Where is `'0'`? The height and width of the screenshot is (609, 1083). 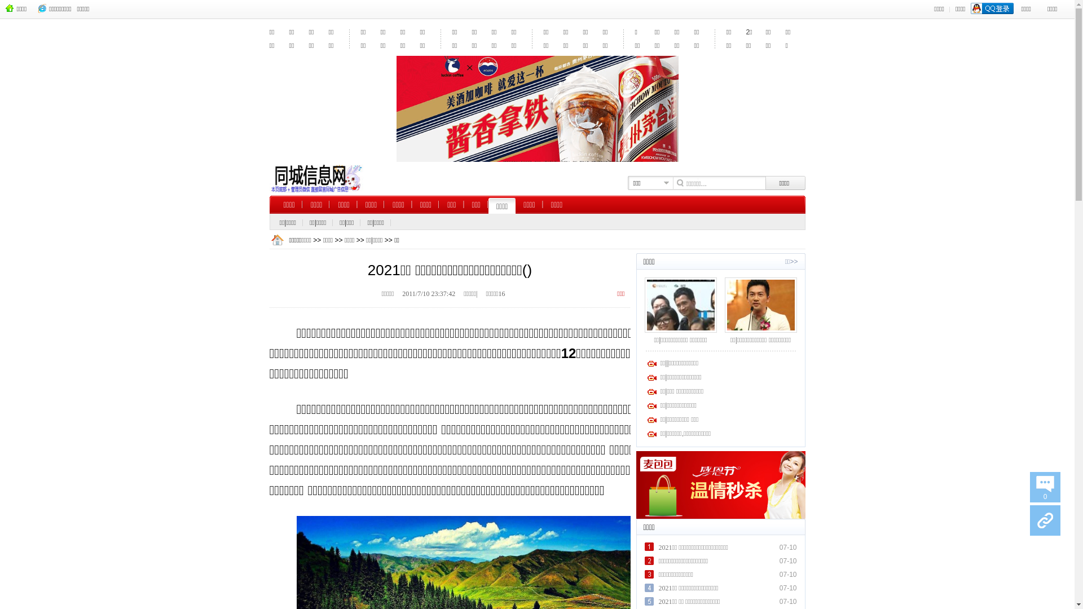
'0' is located at coordinates (1044, 487).